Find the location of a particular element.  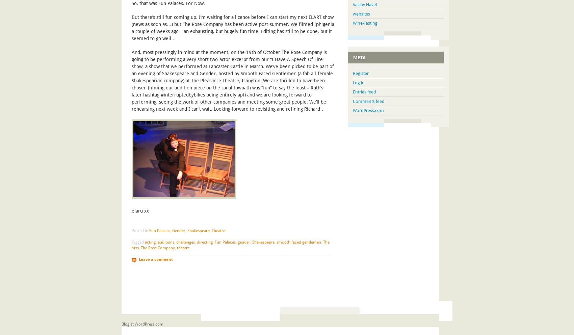

'Theatre' is located at coordinates (211, 230).